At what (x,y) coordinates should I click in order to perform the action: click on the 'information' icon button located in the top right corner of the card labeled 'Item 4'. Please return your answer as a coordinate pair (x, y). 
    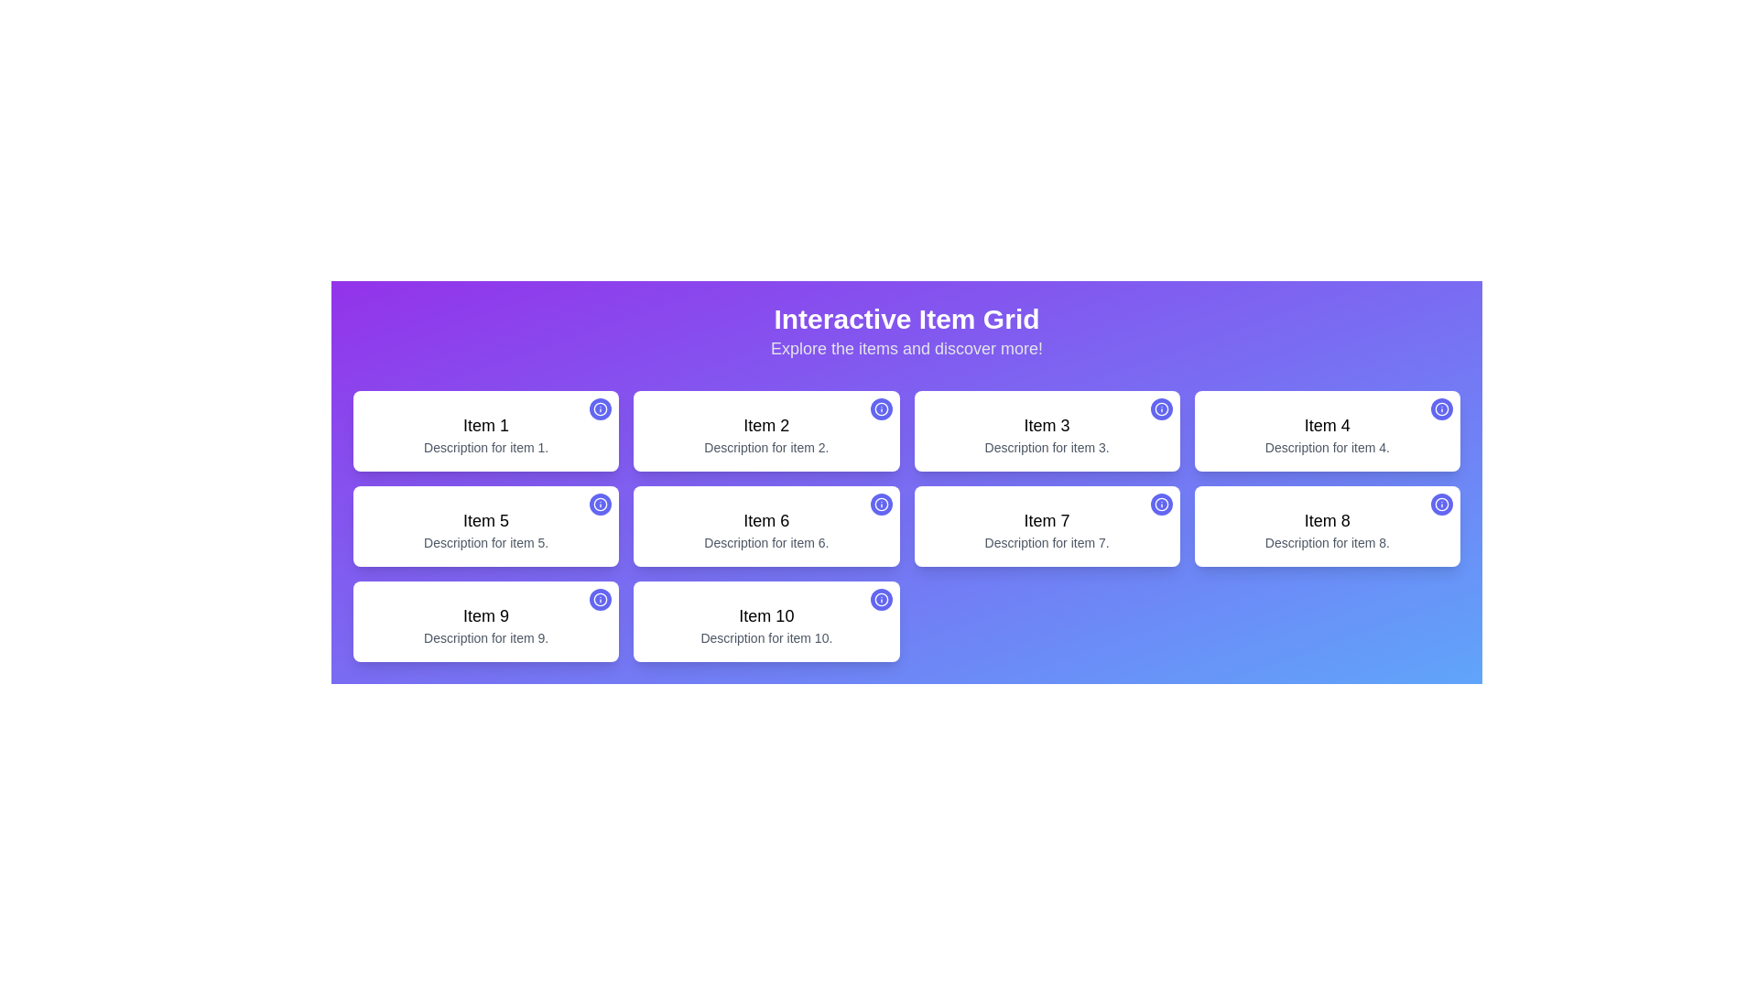
    Looking at the image, I should click on (1440, 408).